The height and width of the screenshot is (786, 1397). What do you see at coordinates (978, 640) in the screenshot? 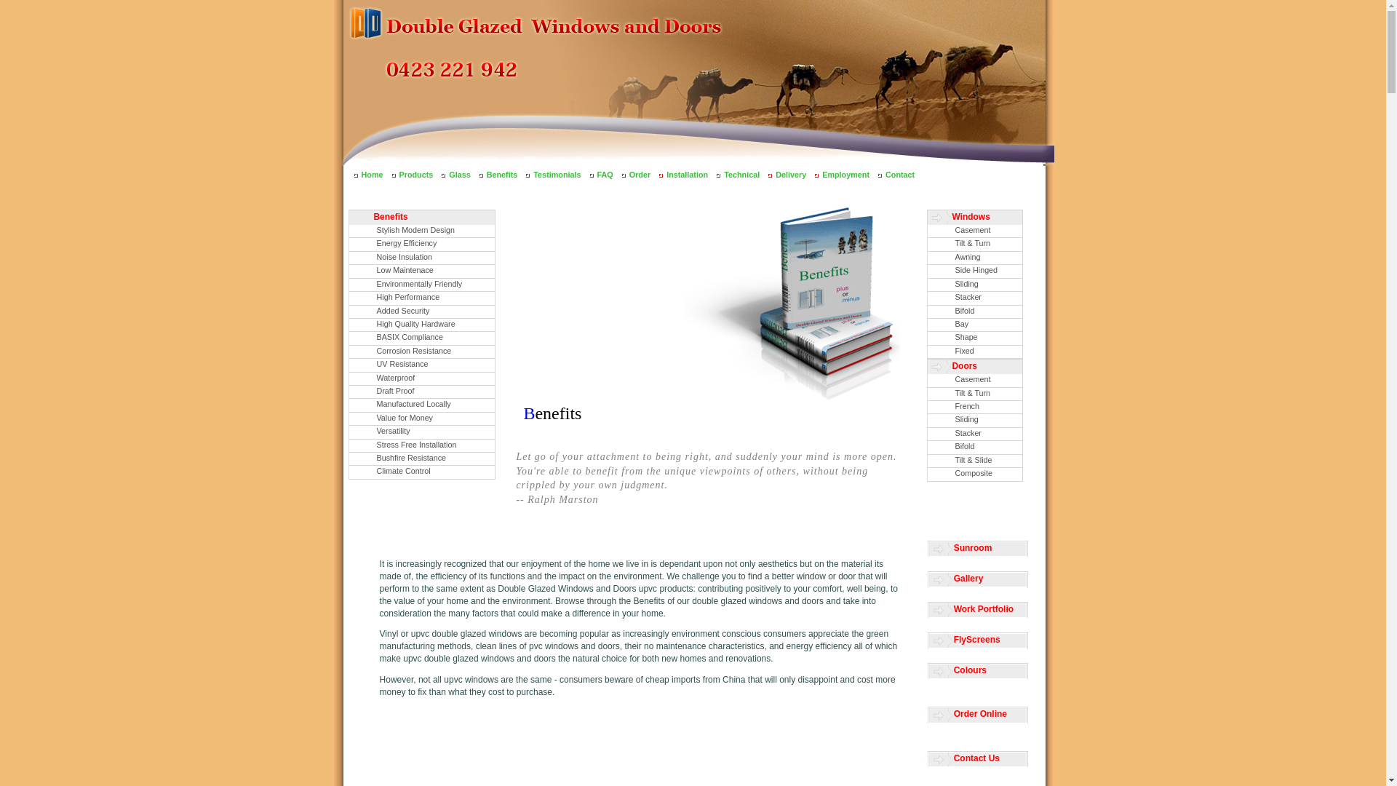
I see `'FlyScreens'` at bounding box center [978, 640].